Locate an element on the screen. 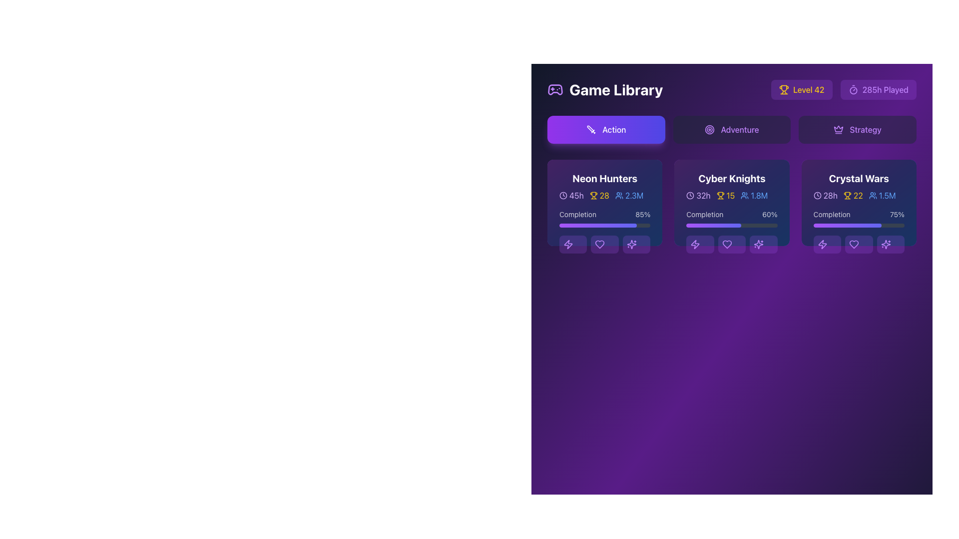  the clock icon located to the left of the text '32h' in the game library interface under the 'Cyber Knights' game card is located at coordinates (690, 196).